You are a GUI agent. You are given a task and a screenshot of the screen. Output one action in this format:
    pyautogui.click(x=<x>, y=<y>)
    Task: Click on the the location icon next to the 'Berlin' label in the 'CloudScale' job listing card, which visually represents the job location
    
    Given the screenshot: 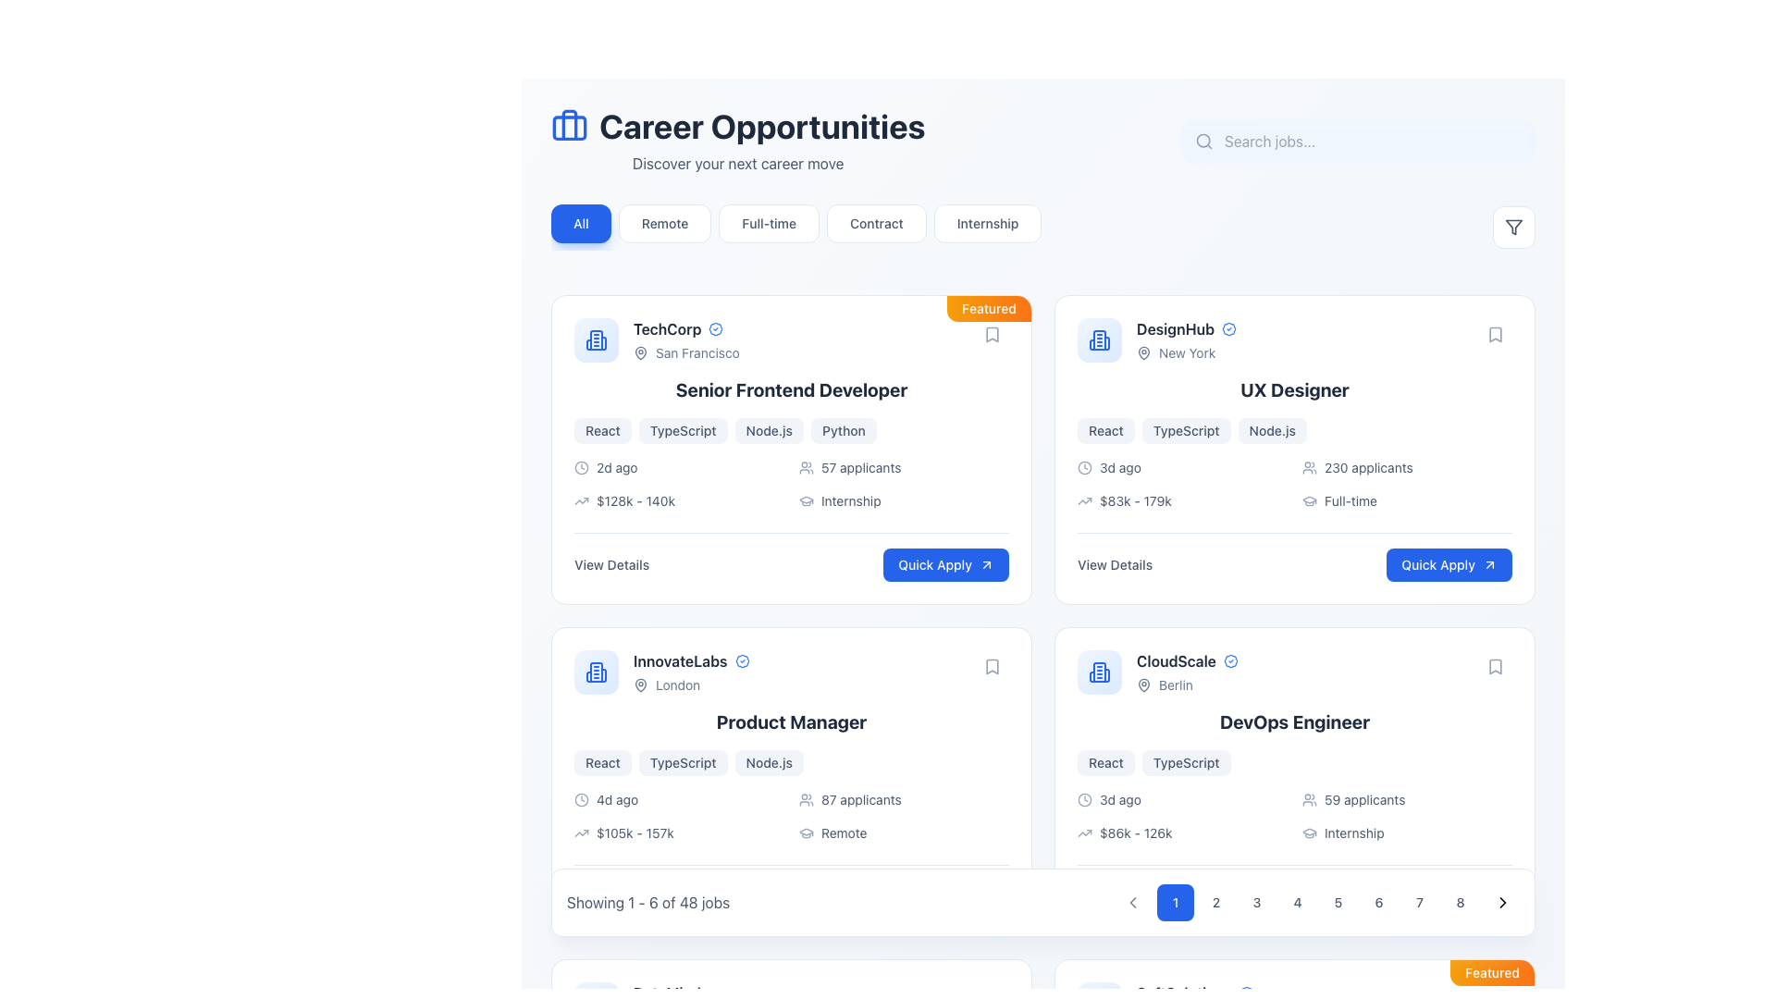 What is the action you would take?
    pyautogui.click(x=1143, y=684)
    